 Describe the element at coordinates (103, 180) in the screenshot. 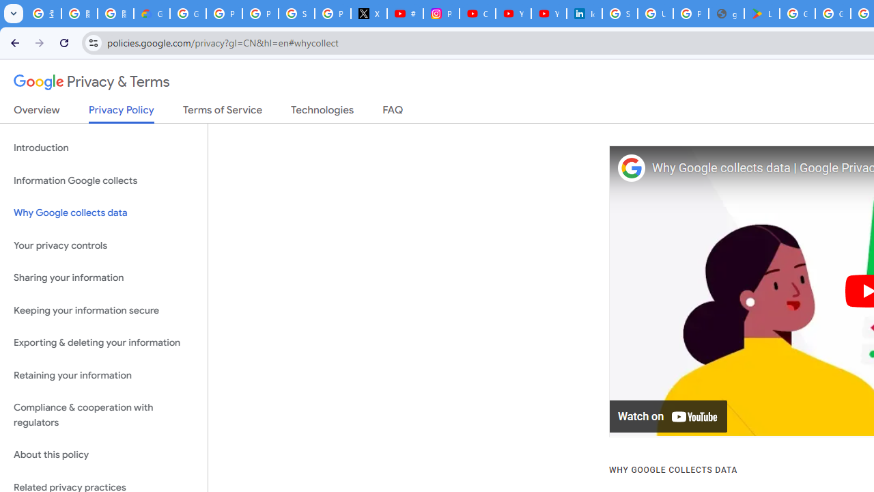

I see `'Information Google collects'` at that location.